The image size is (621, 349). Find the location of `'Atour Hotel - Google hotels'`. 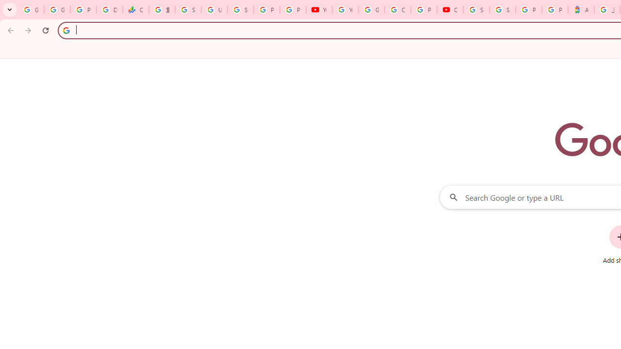

'Atour Hotel - Google hotels' is located at coordinates (581, 10).